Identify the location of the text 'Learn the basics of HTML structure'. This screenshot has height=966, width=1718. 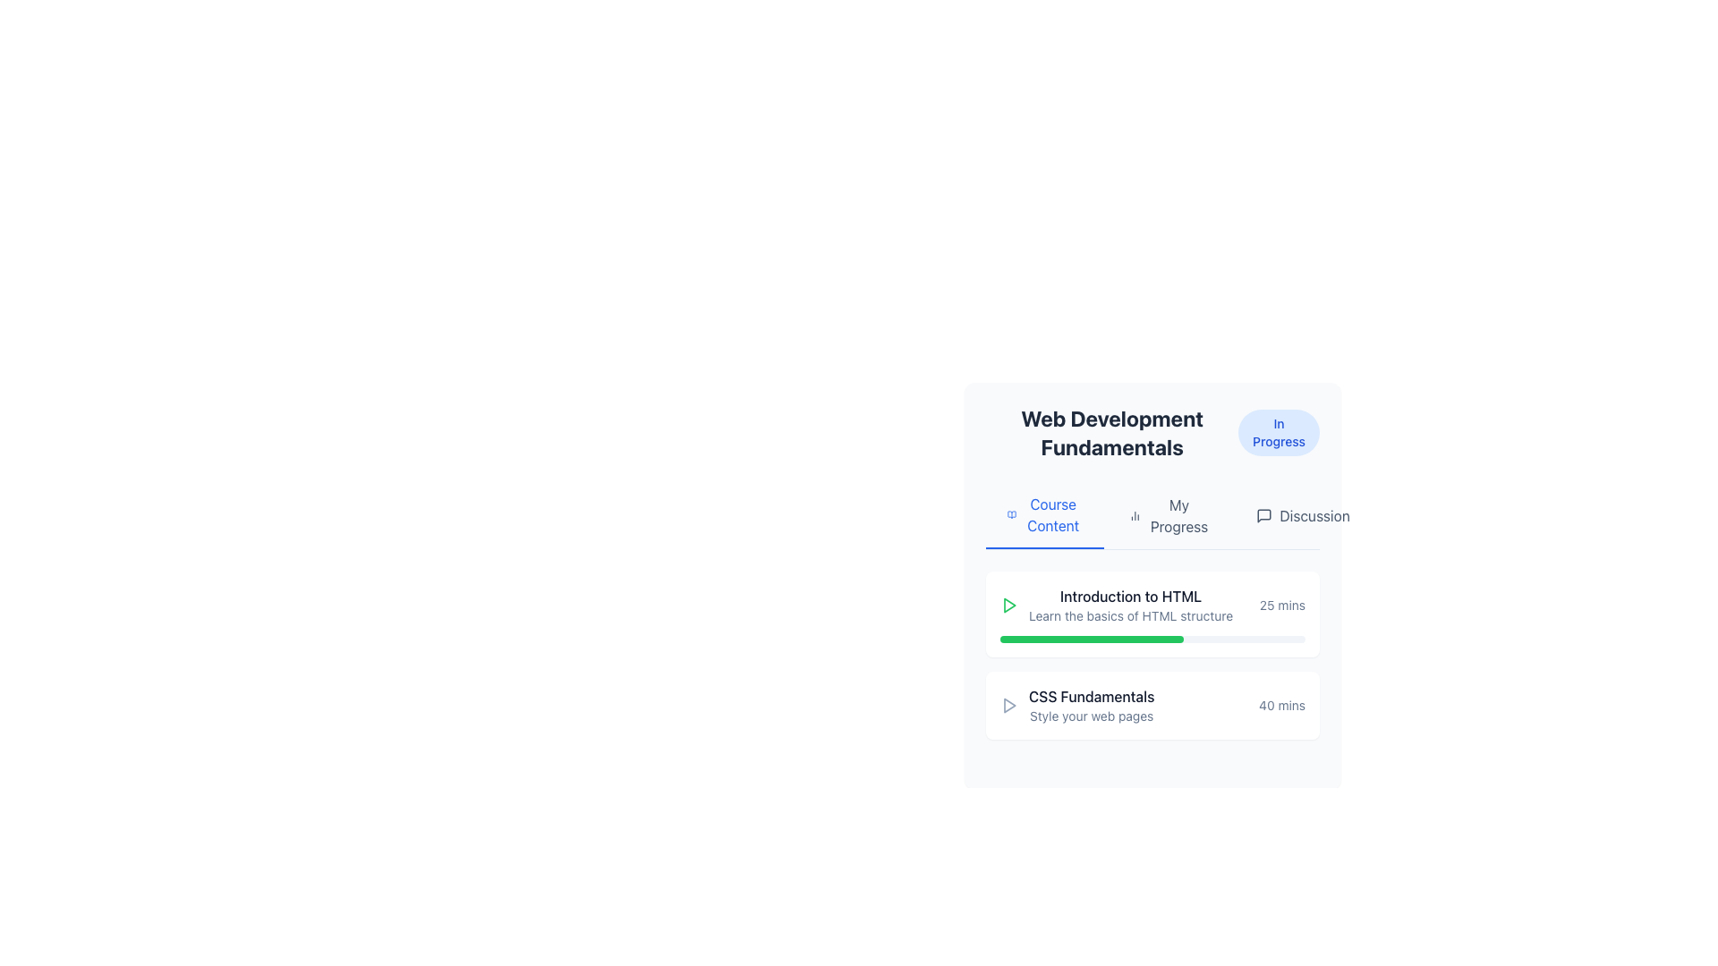
(1130, 615).